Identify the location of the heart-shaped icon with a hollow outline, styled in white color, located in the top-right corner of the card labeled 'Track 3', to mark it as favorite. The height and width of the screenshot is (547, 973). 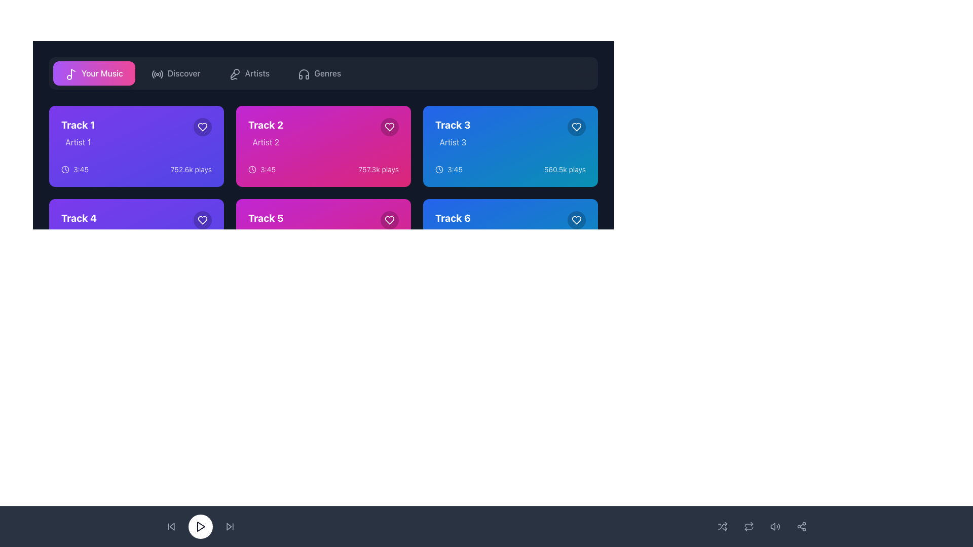
(576, 126).